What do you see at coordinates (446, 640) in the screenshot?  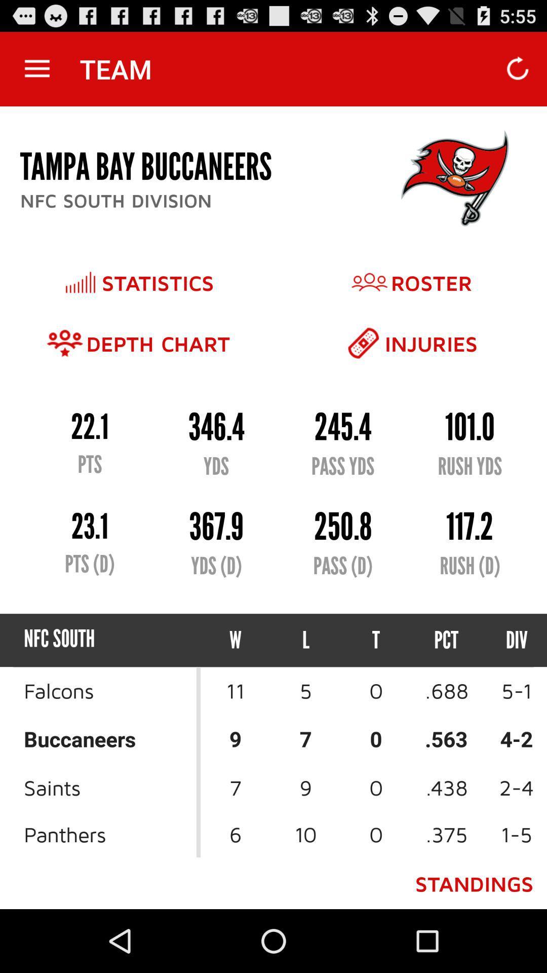 I see `icon to the left of div` at bounding box center [446, 640].